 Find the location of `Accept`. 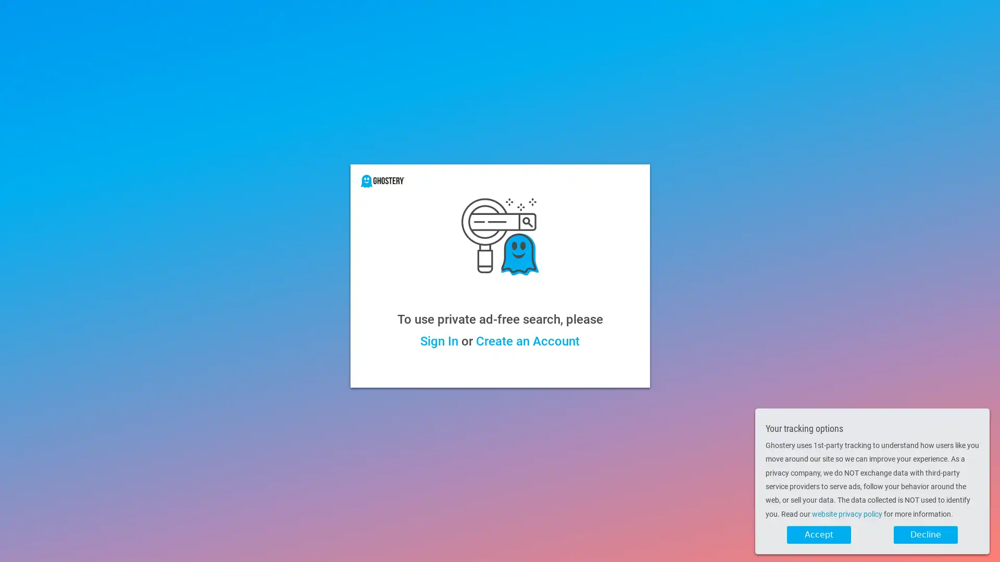

Accept is located at coordinates (818, 535).